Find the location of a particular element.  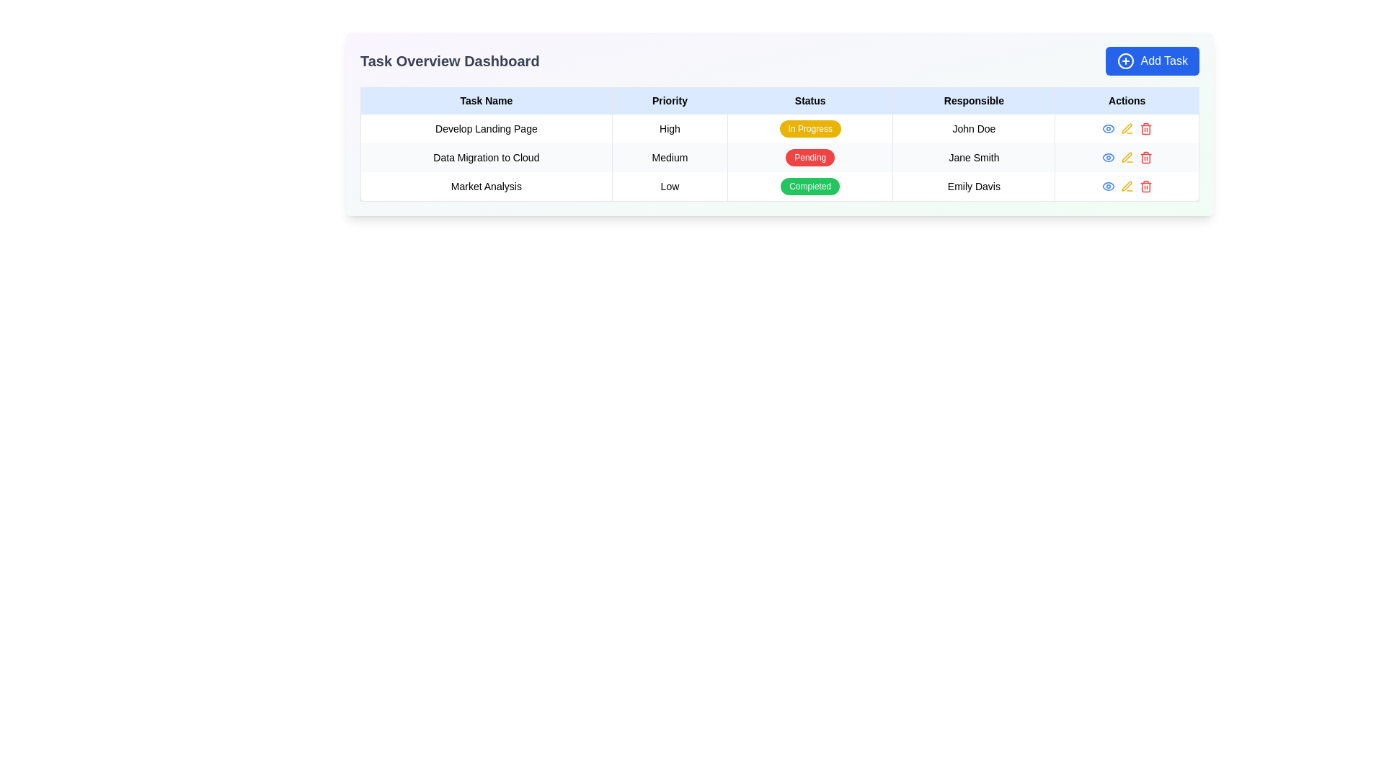

the eye-like icon located in the 'Actions' column of the table, in the first row is located at coordinates (1107, 185).